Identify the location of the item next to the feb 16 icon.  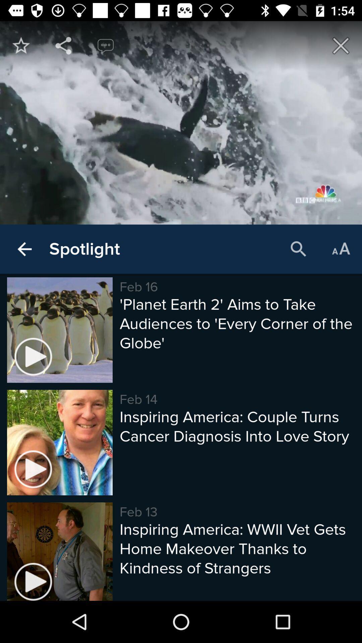
(84, 249).